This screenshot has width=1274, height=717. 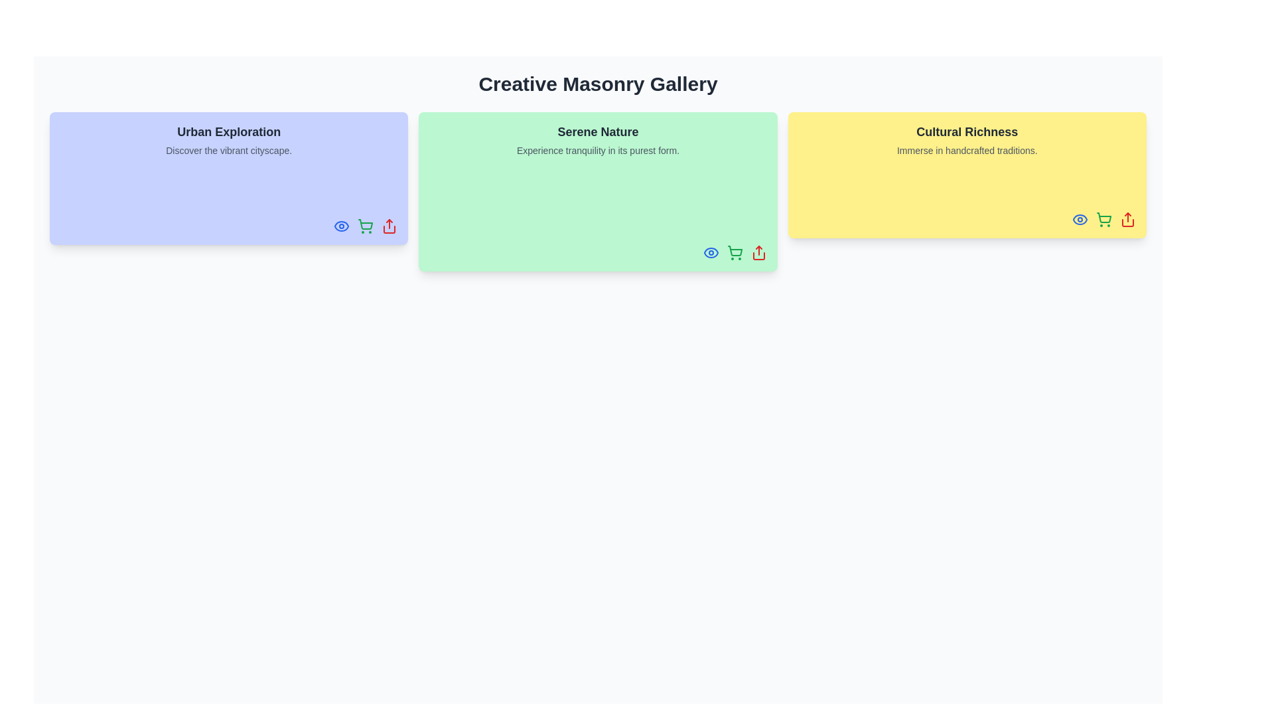 What do you see at coordinates (710, 253) in the screenshot?
I see `the 'view' icon button located at the bottom-right corner of the 'Serene Nature' card` at bounding box center [710, 253].